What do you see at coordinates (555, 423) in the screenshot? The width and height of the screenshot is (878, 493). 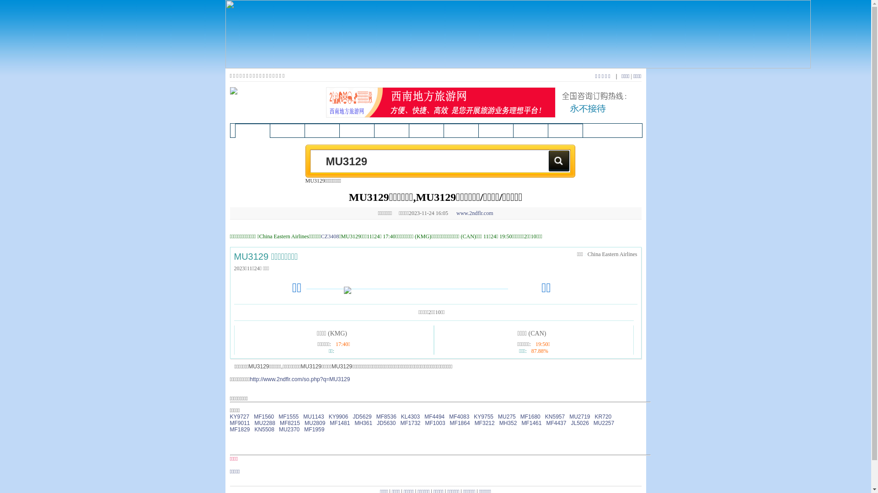 I see `'MF4437'` at bounding box center [555, 423].